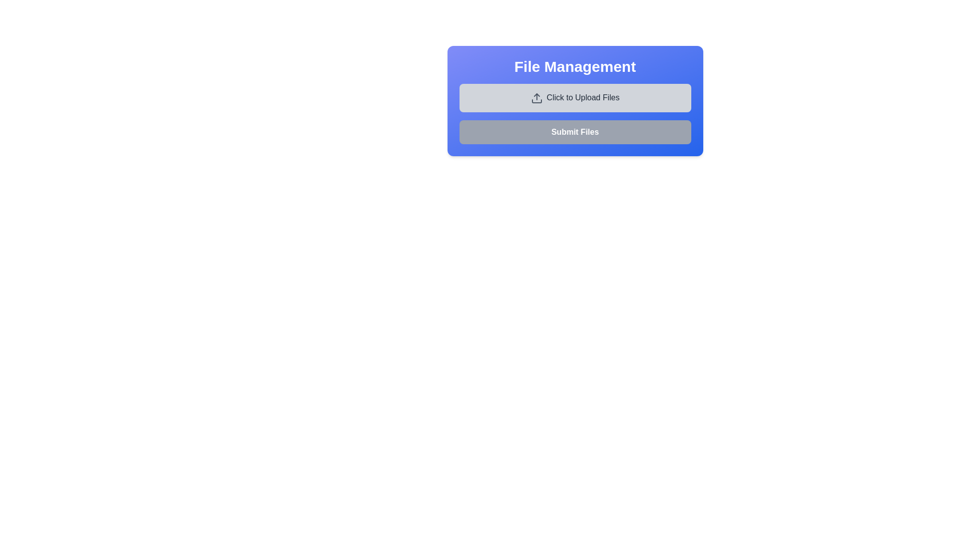 Image resolution: width=959 pixels, height=539 pixels. What do you see at coordinates (583, 97) in the screenshot?
I see `the static text display that instructs users to click for file upload, located in the middle section of the file management interface` at bounding box center [583, 97].